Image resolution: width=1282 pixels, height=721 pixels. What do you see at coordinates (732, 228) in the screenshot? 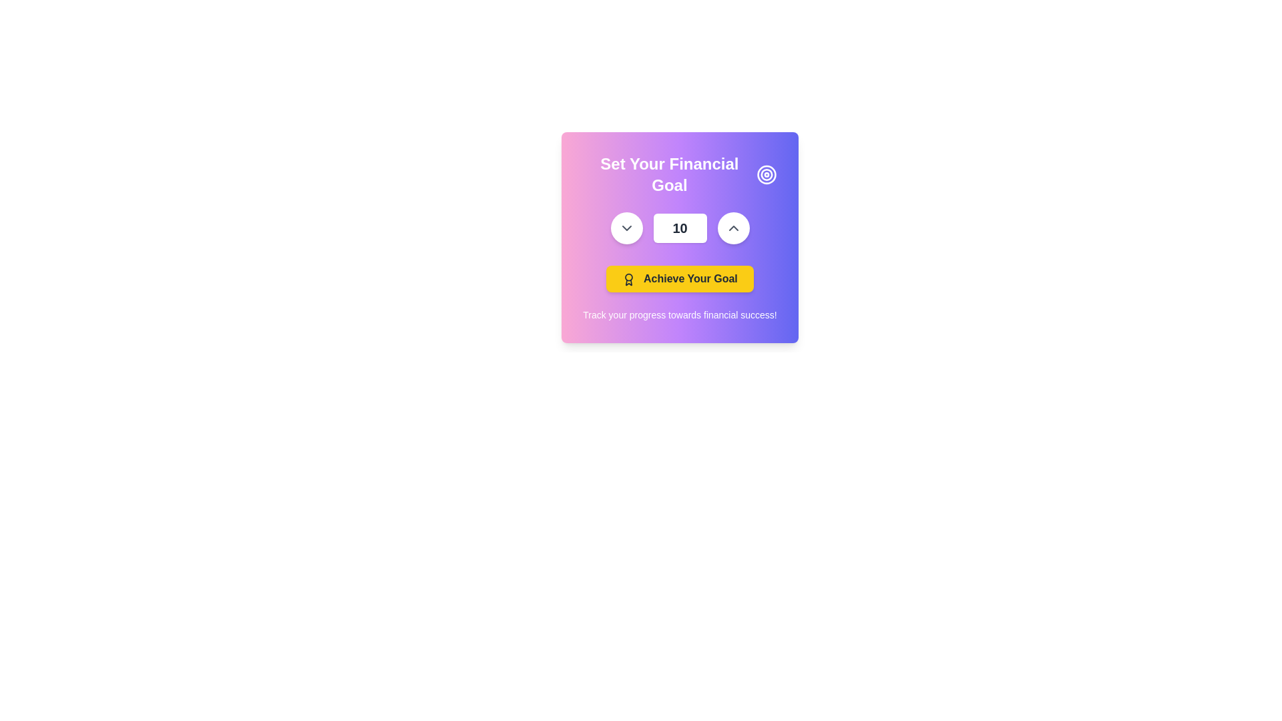
I see `the increment button located on the right side of the numeric input field` at bounding box center [732, 228].